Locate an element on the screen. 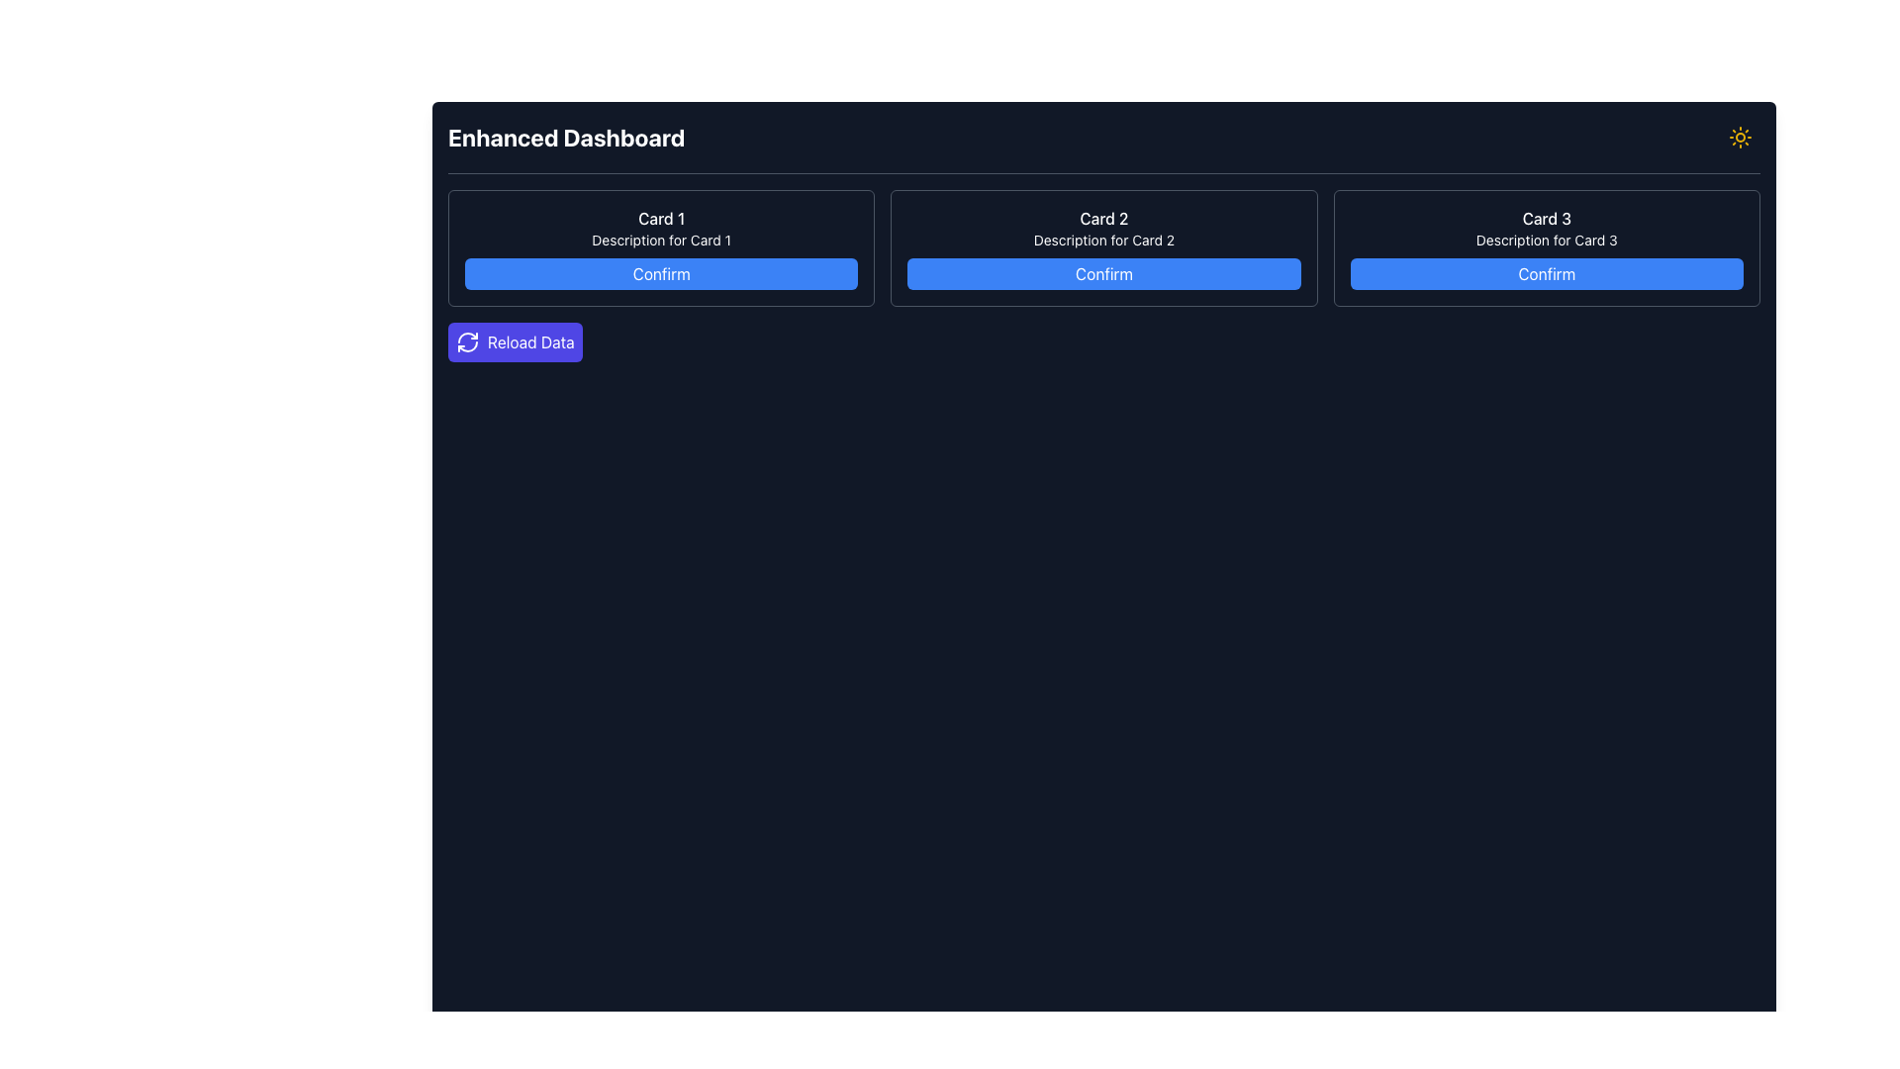 This screenshot has height=1069, width=1900. the confirm button located in 'Card 1', positioned below the description text 'Description for Card 1', to navigate is located at coordinates (661, 274).